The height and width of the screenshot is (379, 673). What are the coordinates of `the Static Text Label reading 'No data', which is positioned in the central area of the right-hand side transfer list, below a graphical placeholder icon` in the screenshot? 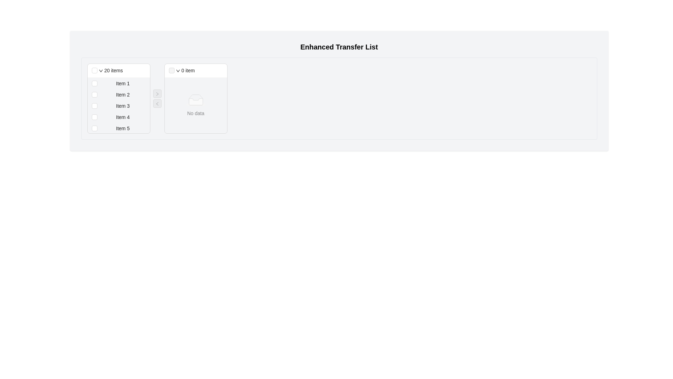 It's located at (196, 113).